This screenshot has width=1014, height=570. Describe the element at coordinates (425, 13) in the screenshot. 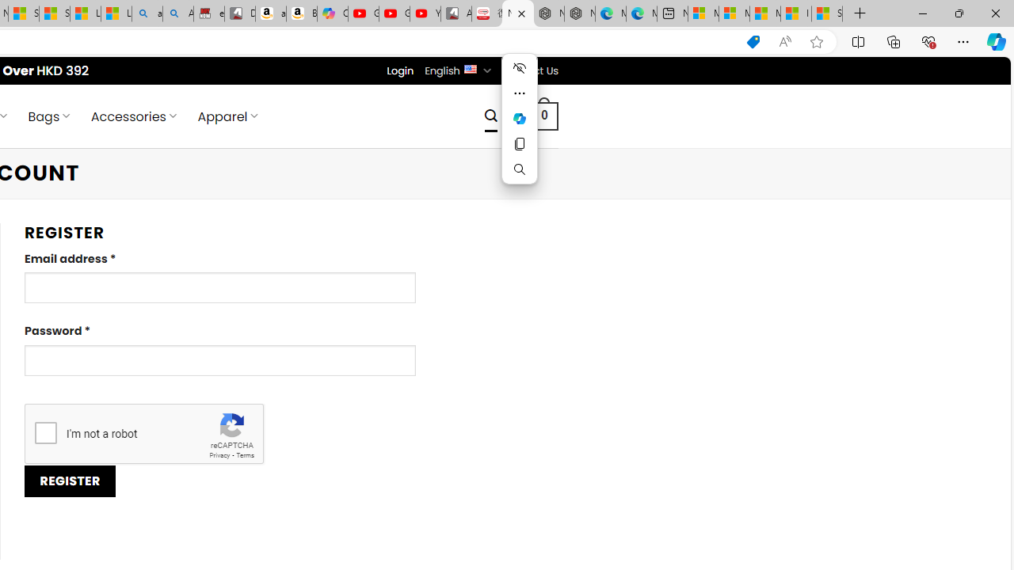

I see `'YouTube Kids - An App Created for Kids to Explore Content'` at that location.